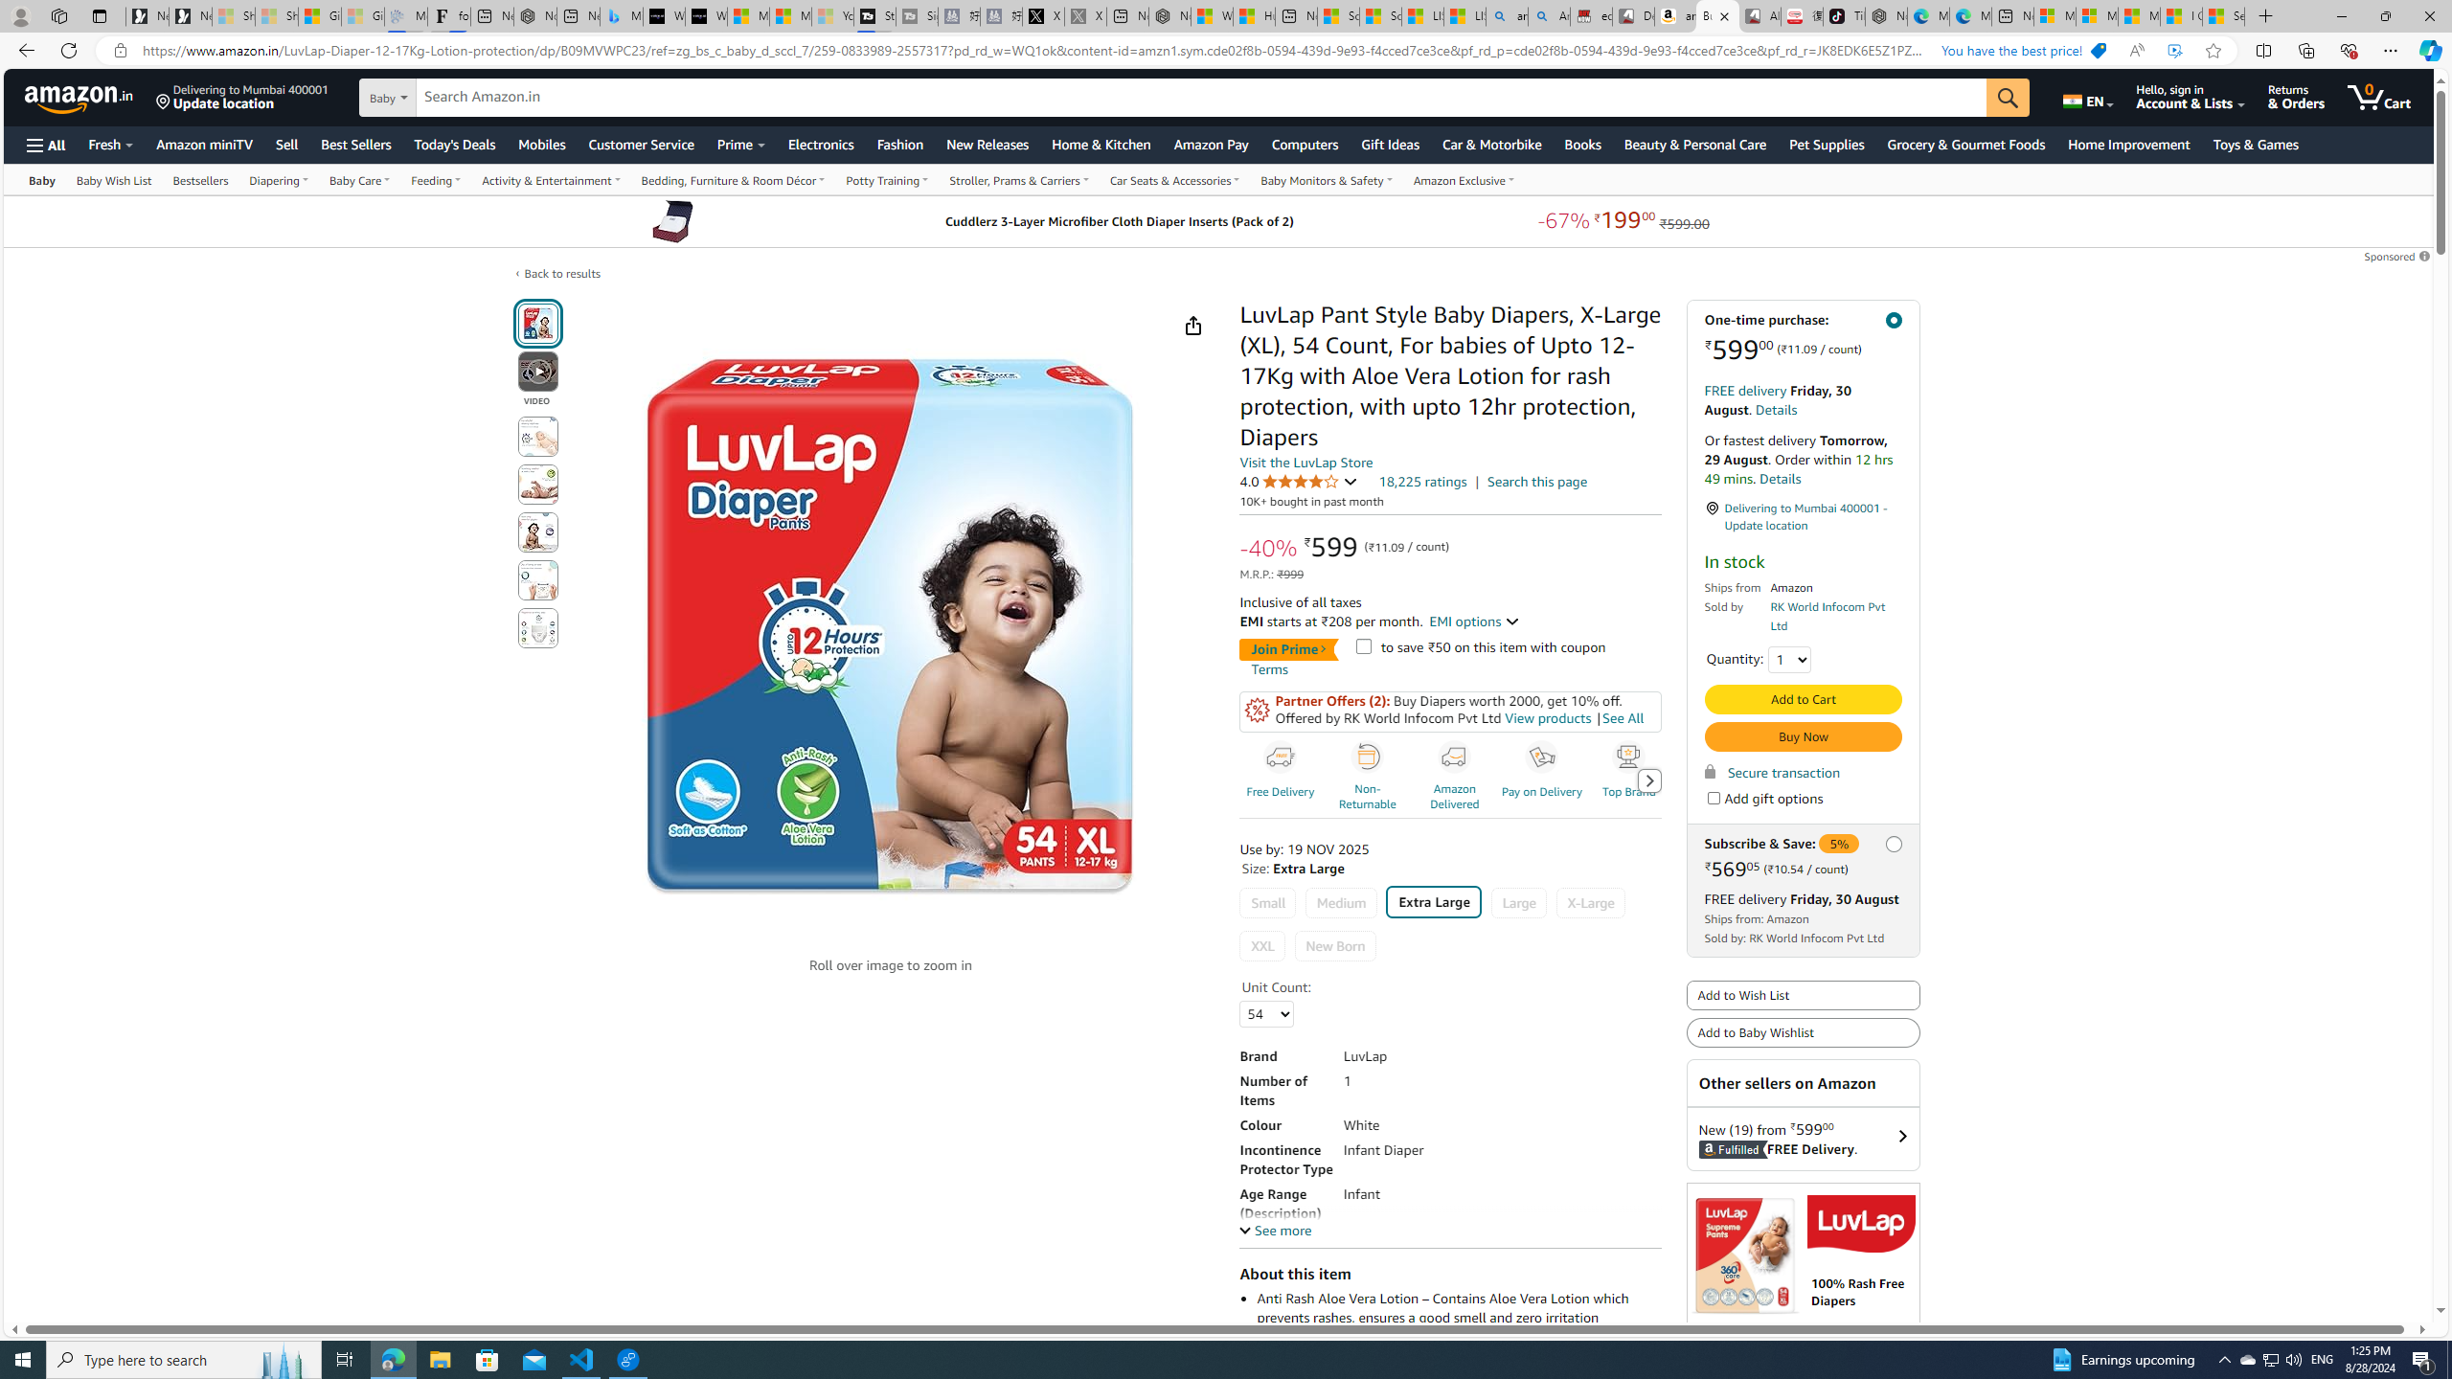 This screenshot has width=2452, height=1379. I want to click on 'Enhance video', so click(2174, 51).